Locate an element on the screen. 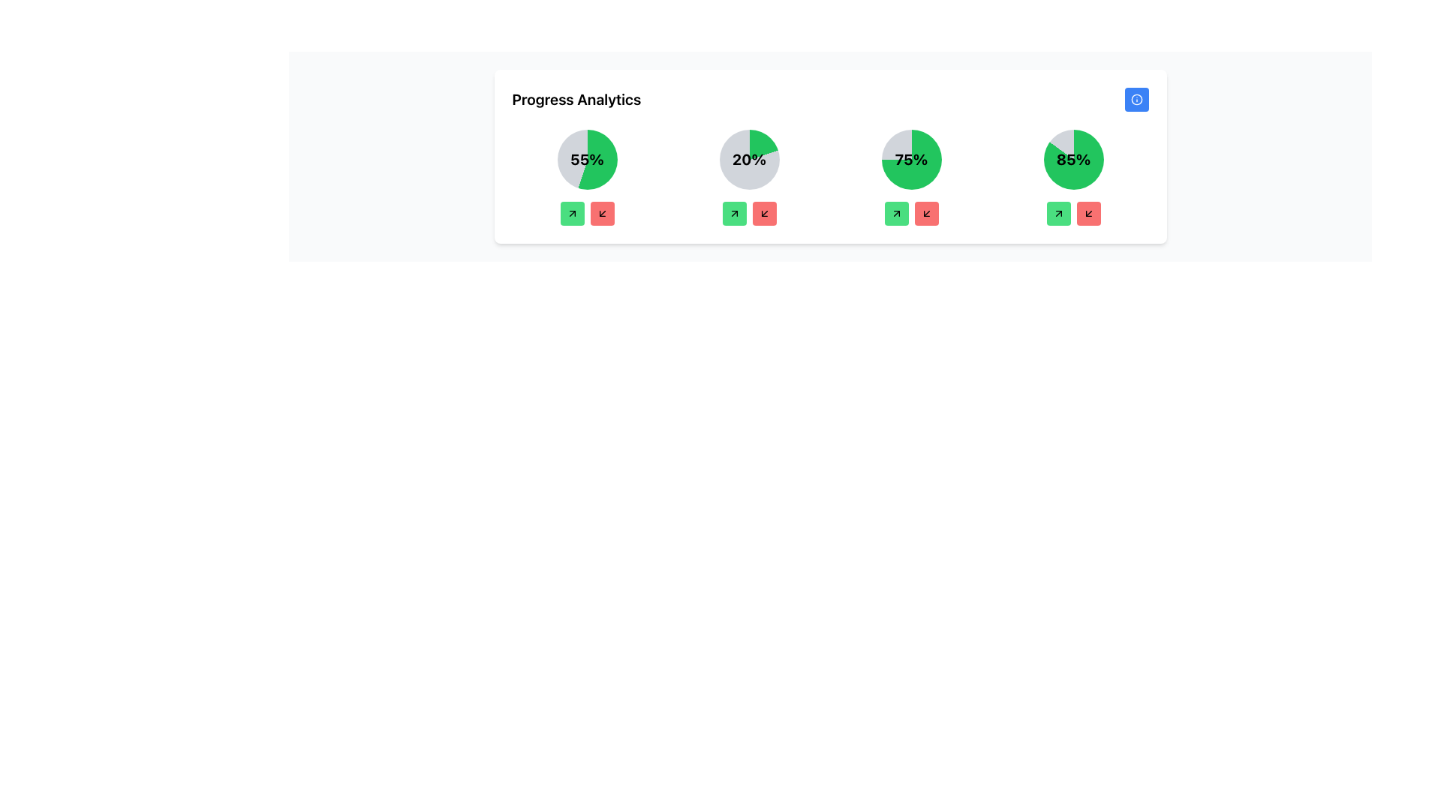  the red circular button with a downward left arrow icon located at the bottom right corner of the progress analytics card is located at coordinates (1088, 214).